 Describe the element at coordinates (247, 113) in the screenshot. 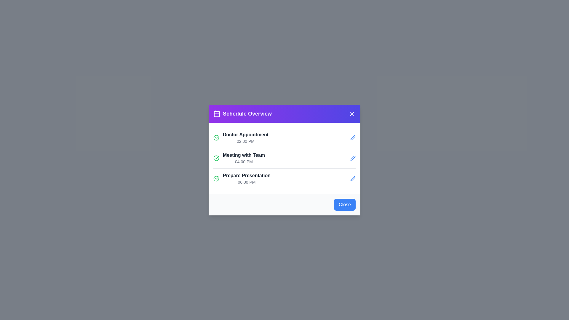

I see `the title text label located in the purple header section of the modal dialog, which is adjacent to a calendar icon` at that location.